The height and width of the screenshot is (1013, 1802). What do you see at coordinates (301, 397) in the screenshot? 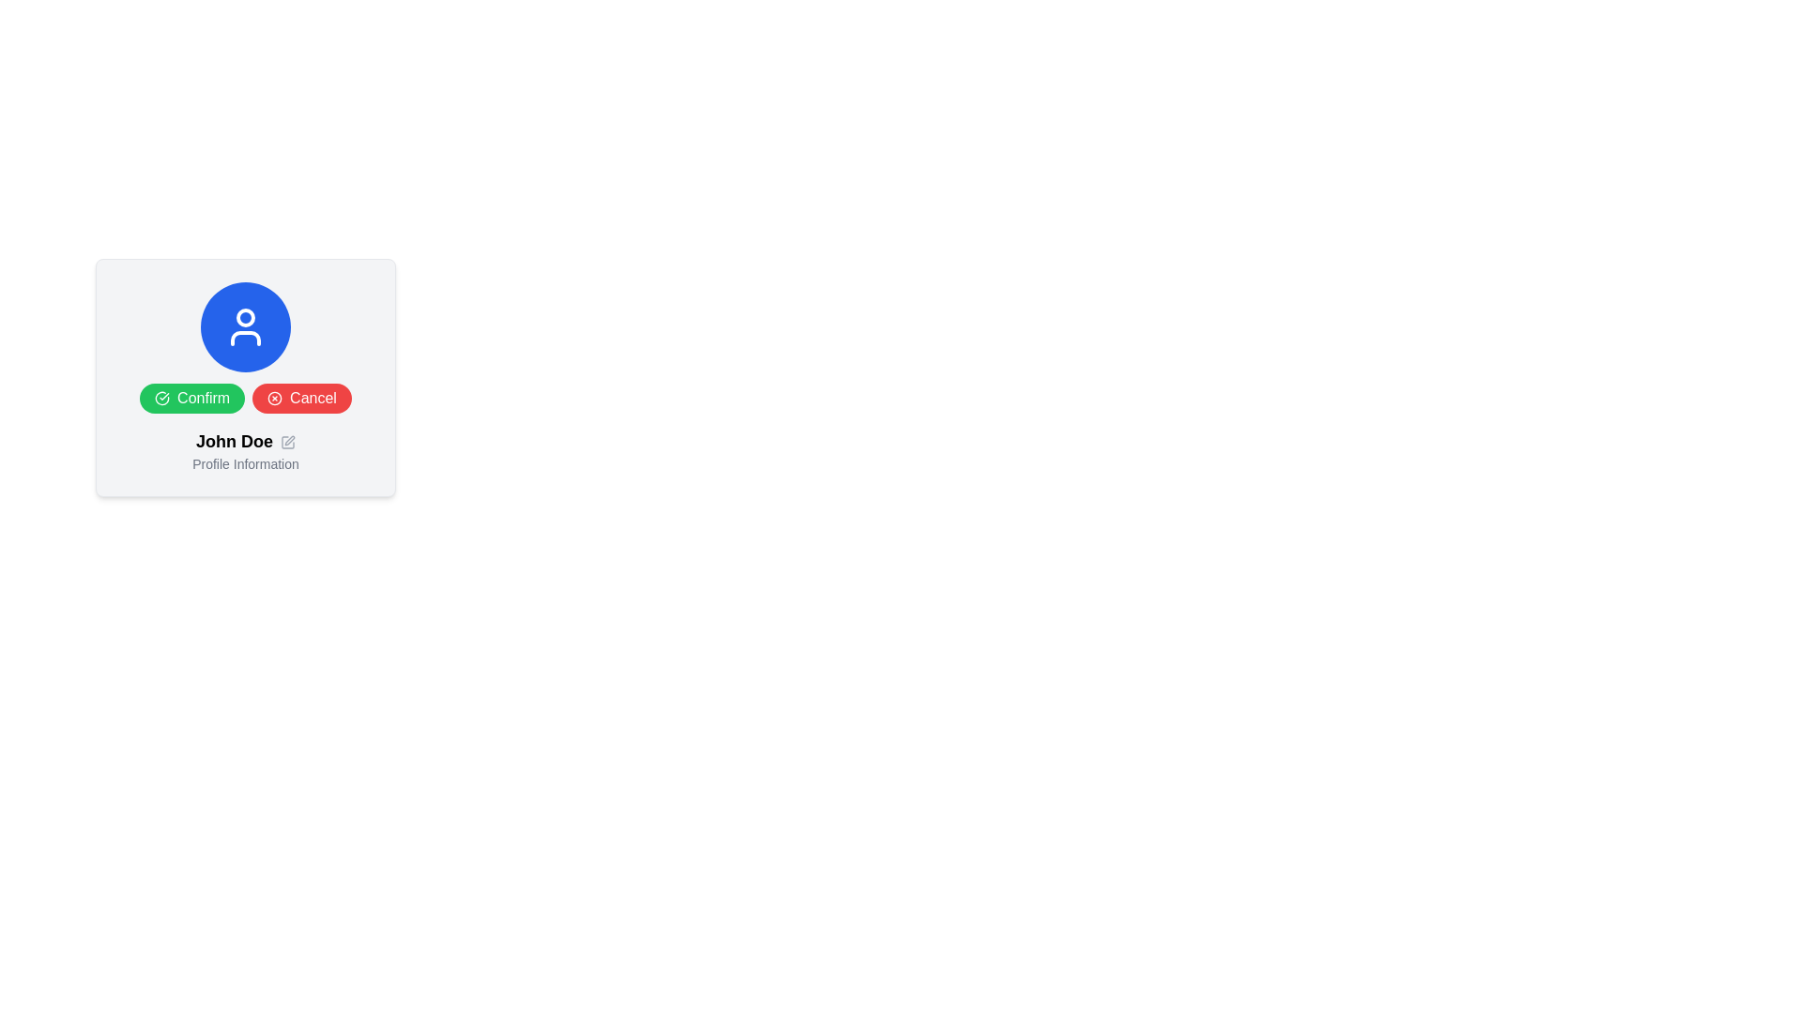
I see `the 'Cancel' button located directly to the right of the green 'Confirm' button` at bounding box center [301, 397].